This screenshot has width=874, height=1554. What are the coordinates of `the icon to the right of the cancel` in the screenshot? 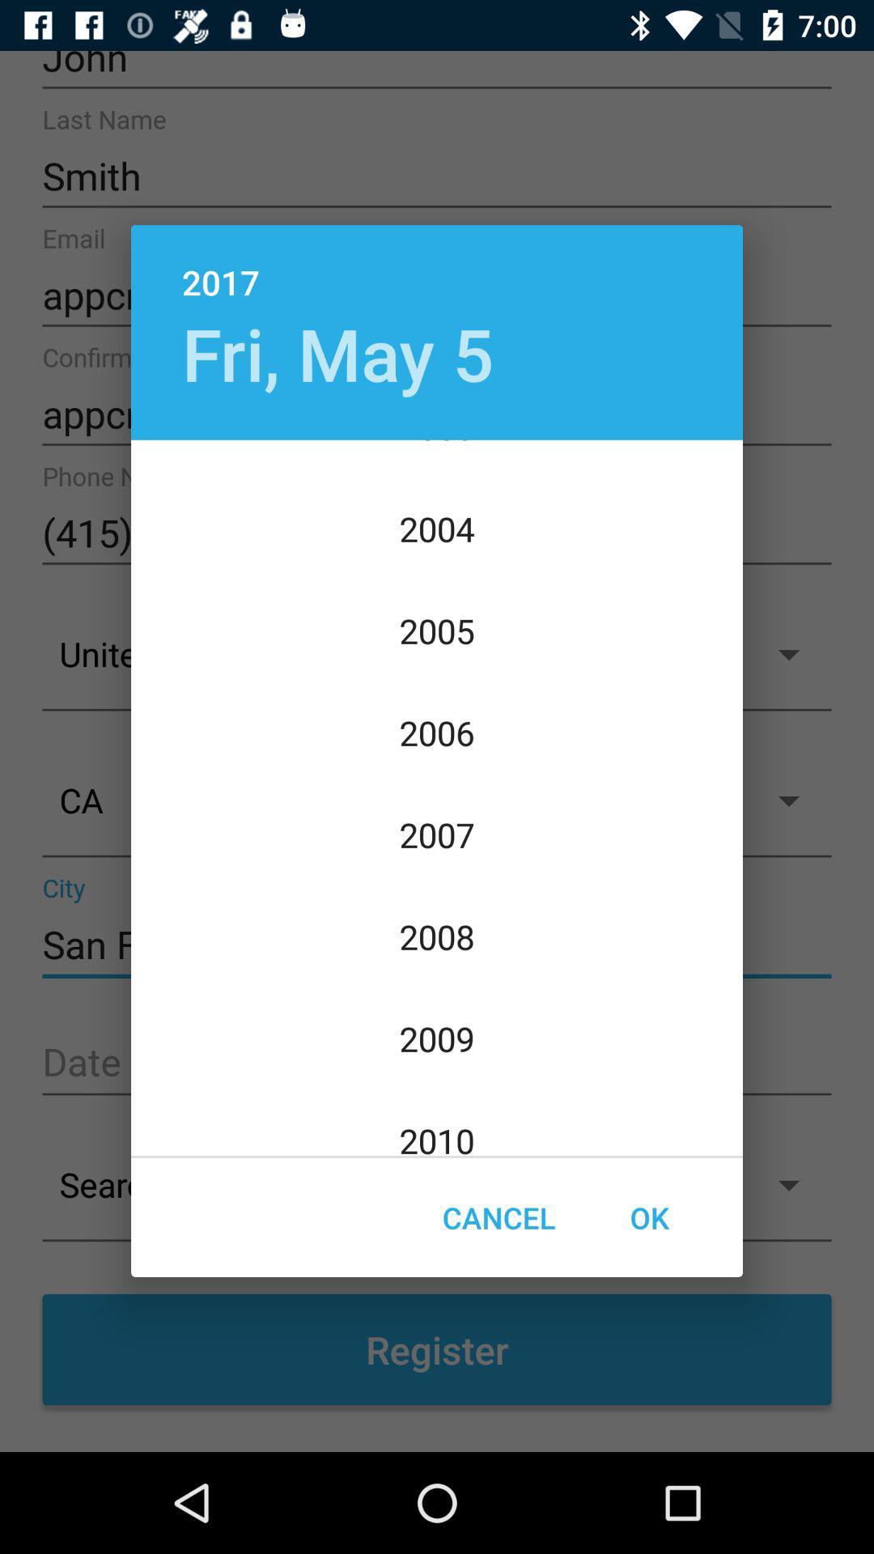 It's located at (648, 1217).